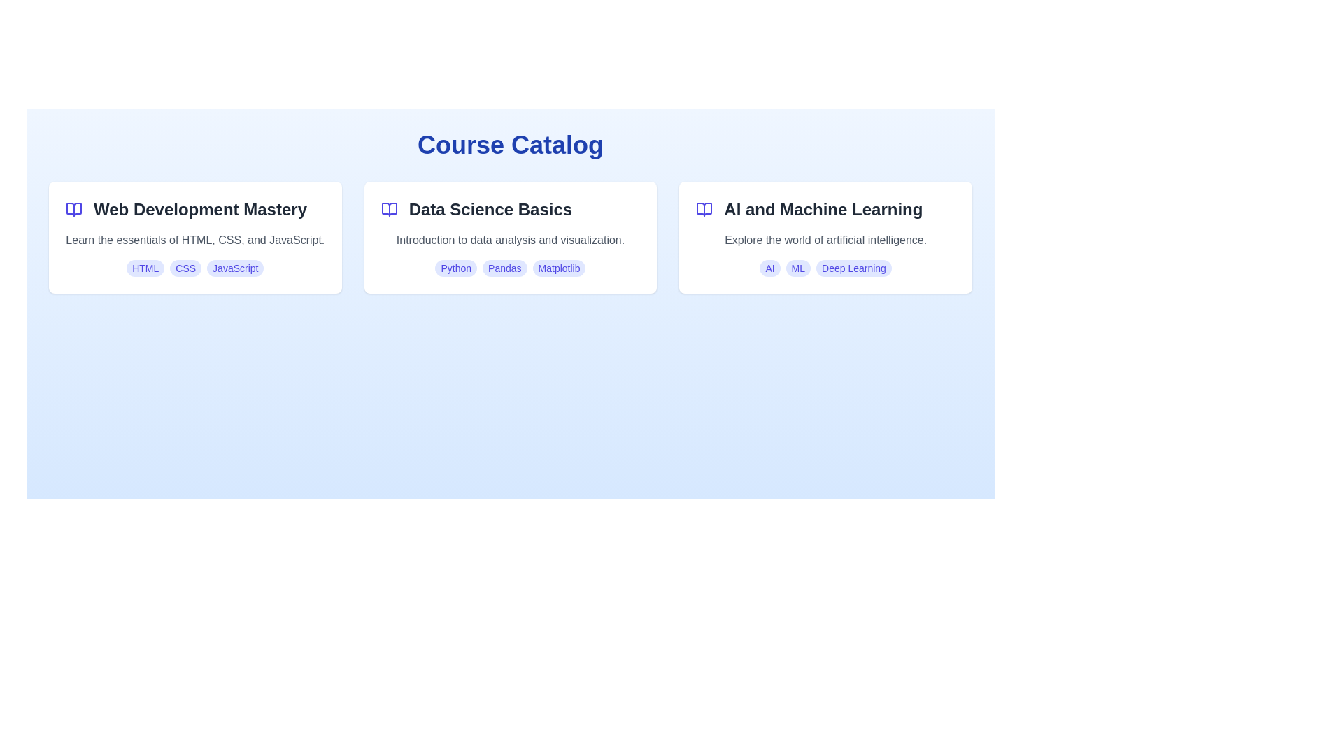 The image size is (1343, 755). Describe the element at coordinates (769, 268) in the screenshot. I see `the 'AI' tag badge, which is a small, pill-shaped label with bold indigo text on a light indigo background, located at the leftmost position among three labels in the 'AI and Machine Learning' section` at that location.